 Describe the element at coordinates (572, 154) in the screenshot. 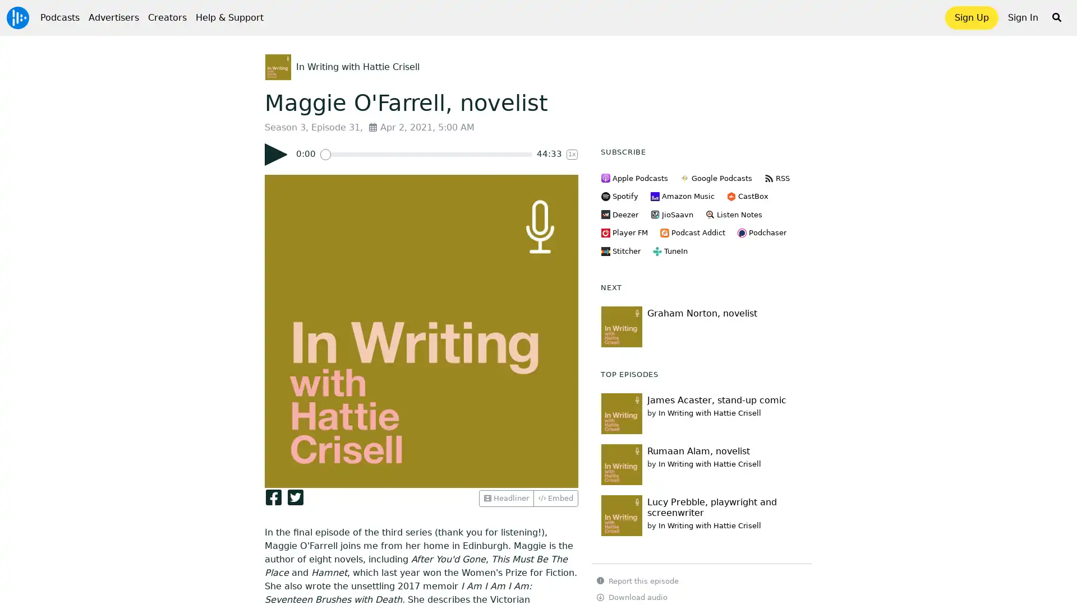

I see `1x` at that location.